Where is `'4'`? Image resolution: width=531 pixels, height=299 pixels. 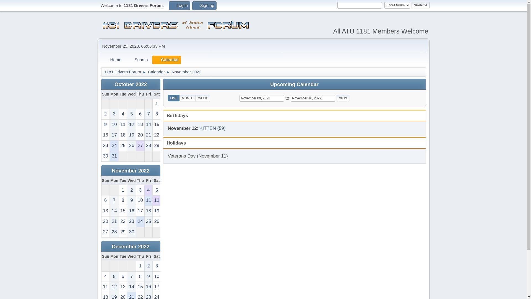 '4' is located at coordinates (145, 190).